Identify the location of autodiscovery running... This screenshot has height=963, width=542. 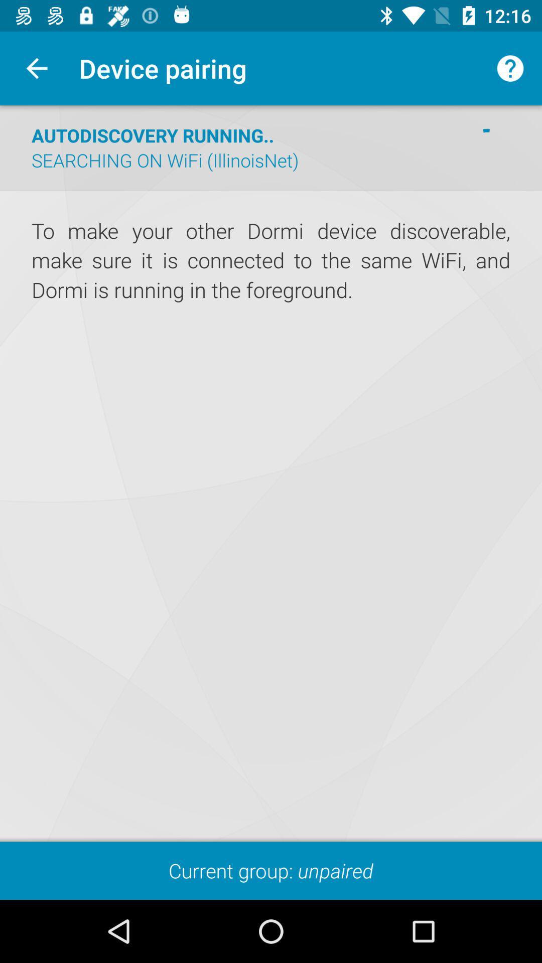
(153, 134).